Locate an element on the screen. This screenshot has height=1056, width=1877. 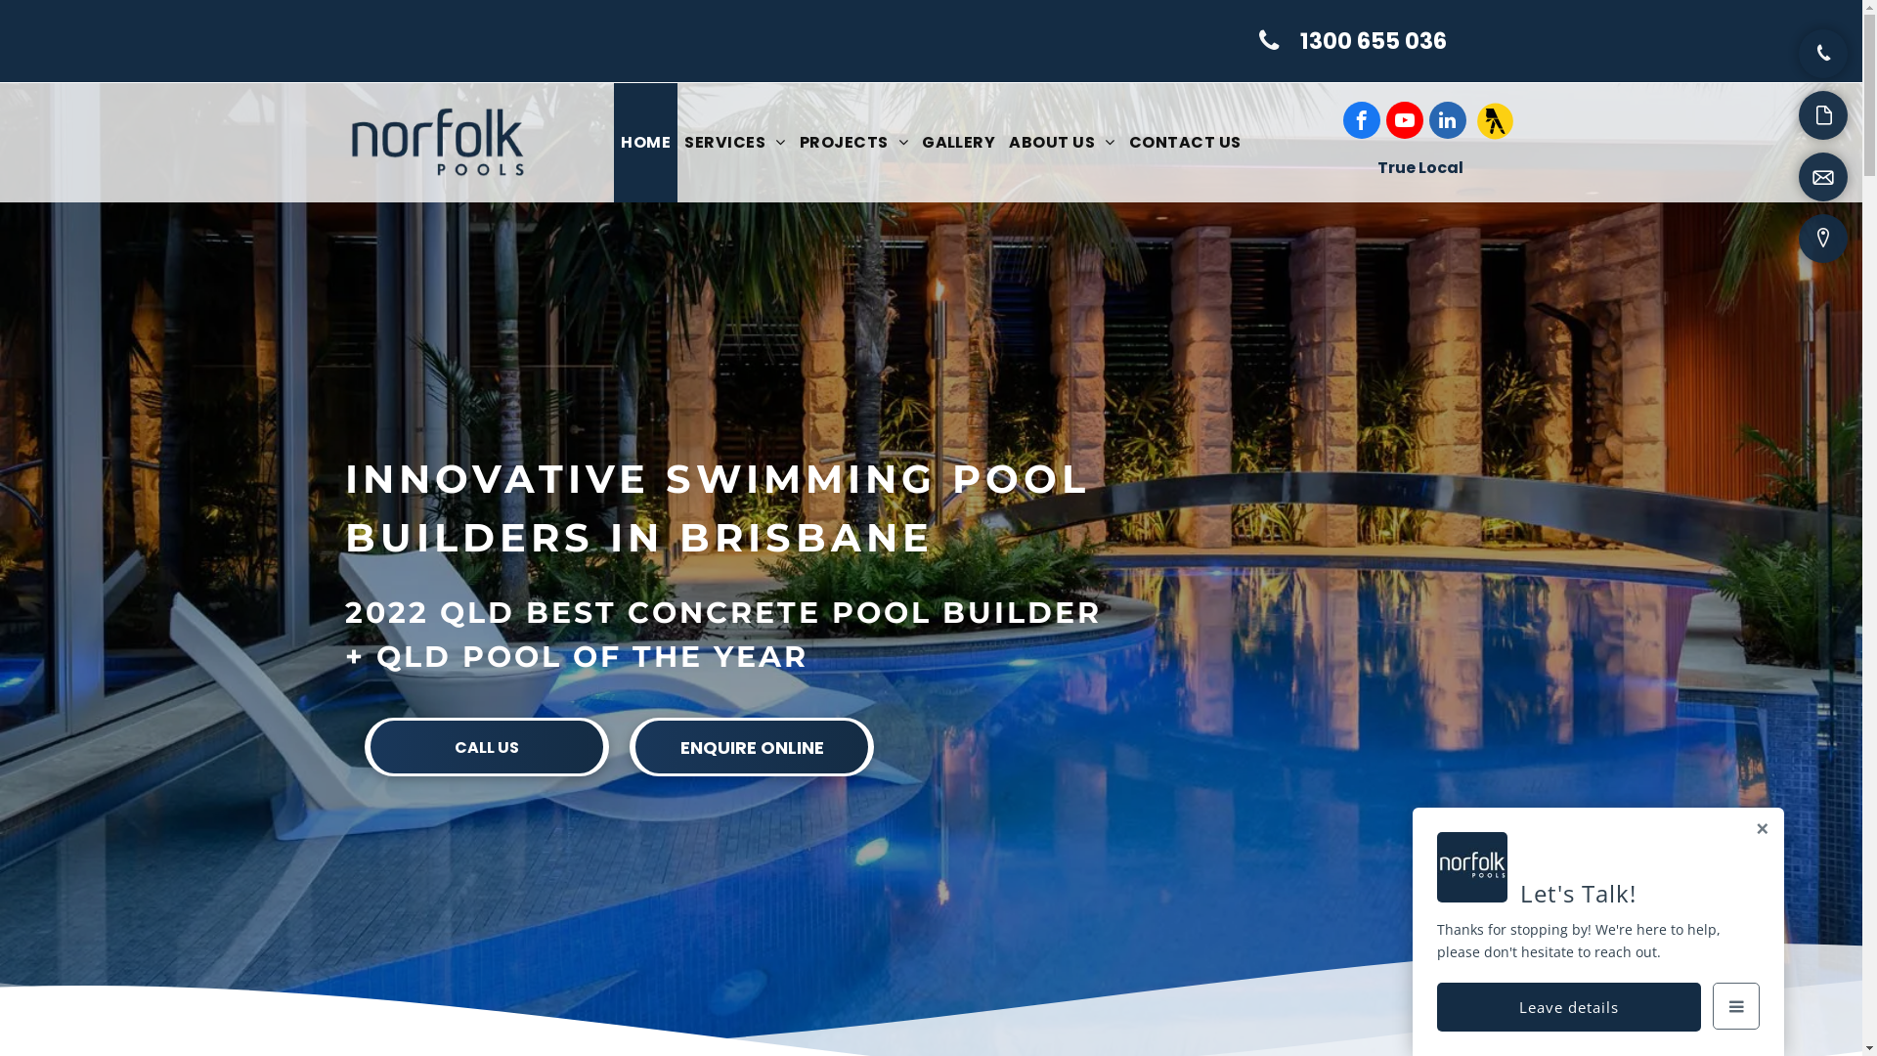
'HOME' is located at coordinates (645, 142).